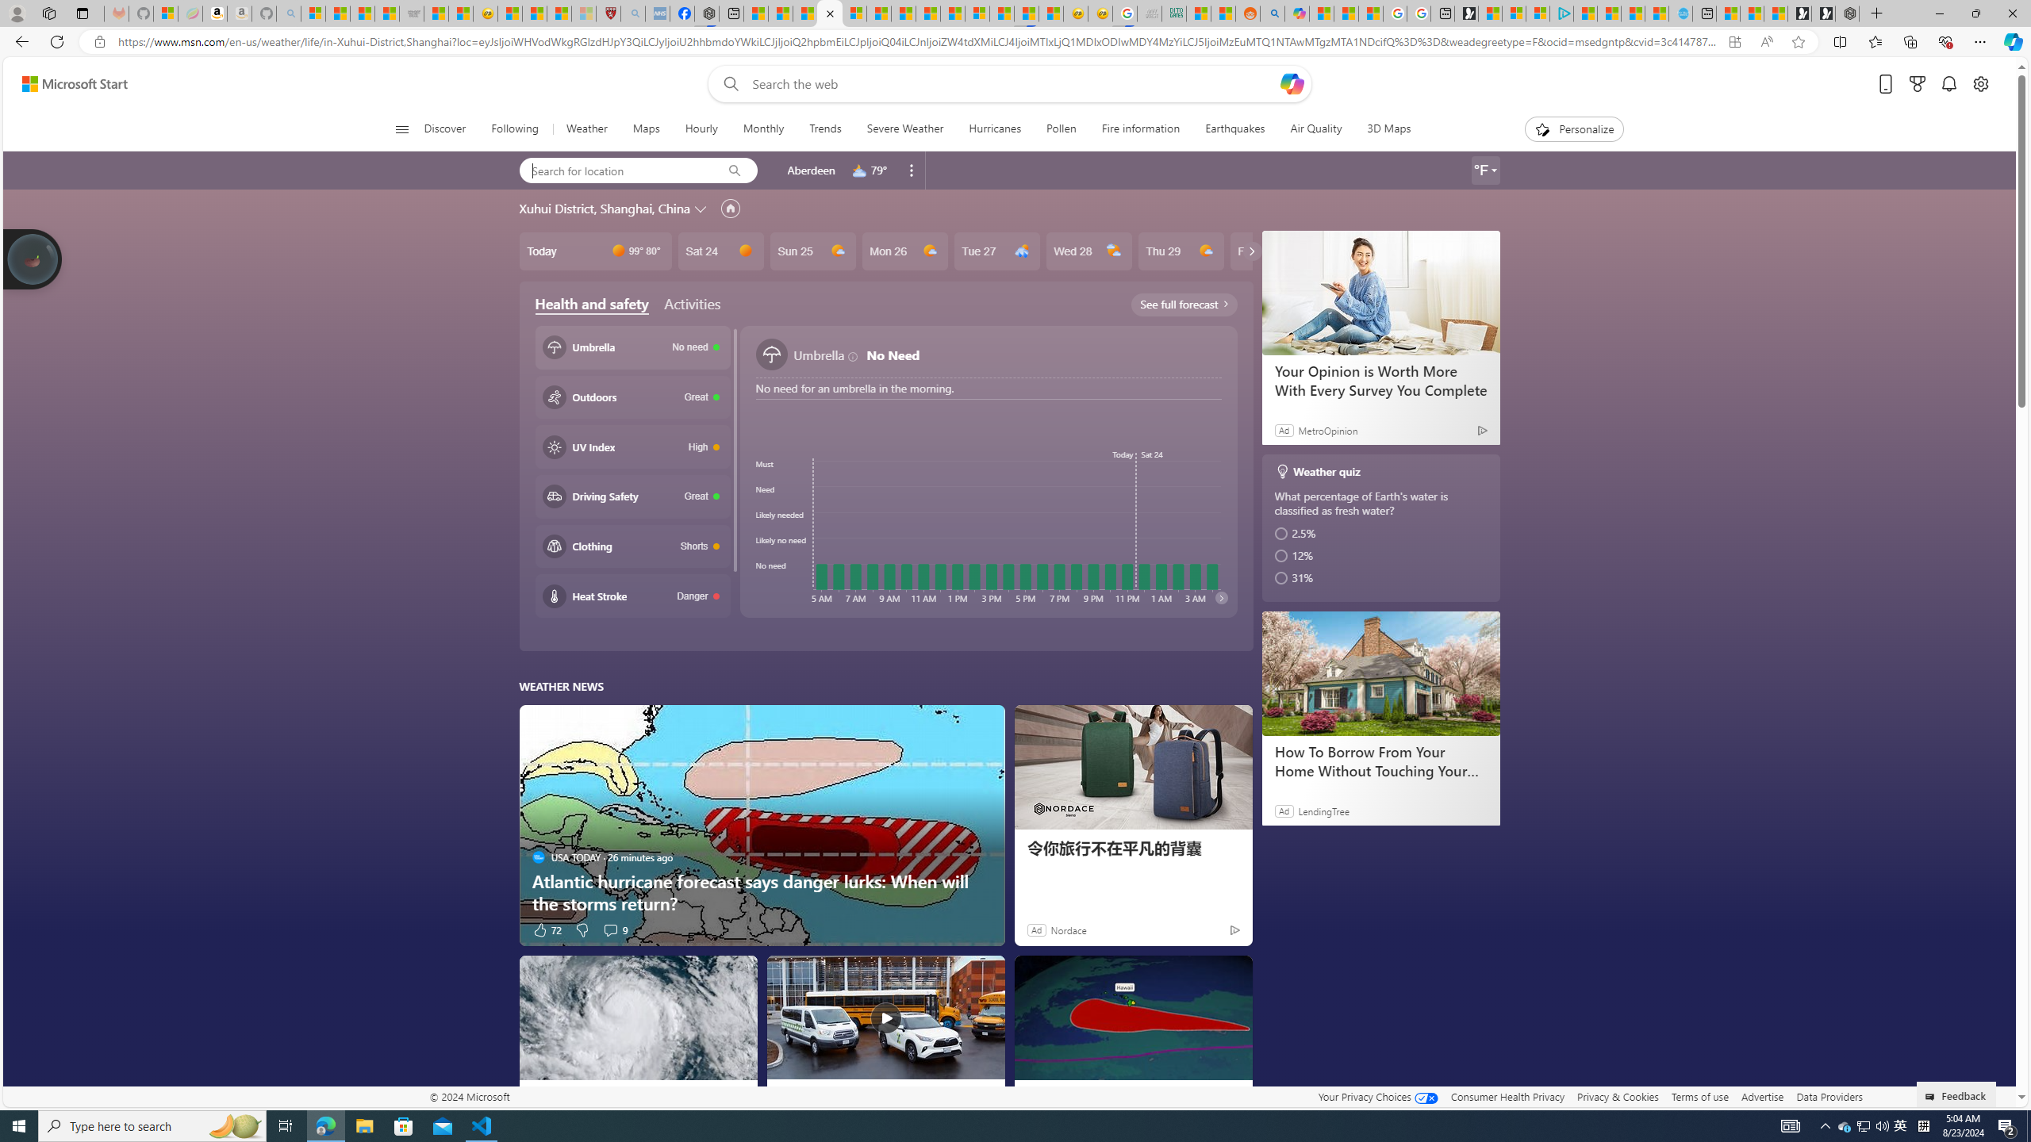 The height and width of the screenshot is (1142, 2031). What do you see at coordinates (585, 128) in the screenshot?
I see `'Weather'` at bounding box center [585, 128].